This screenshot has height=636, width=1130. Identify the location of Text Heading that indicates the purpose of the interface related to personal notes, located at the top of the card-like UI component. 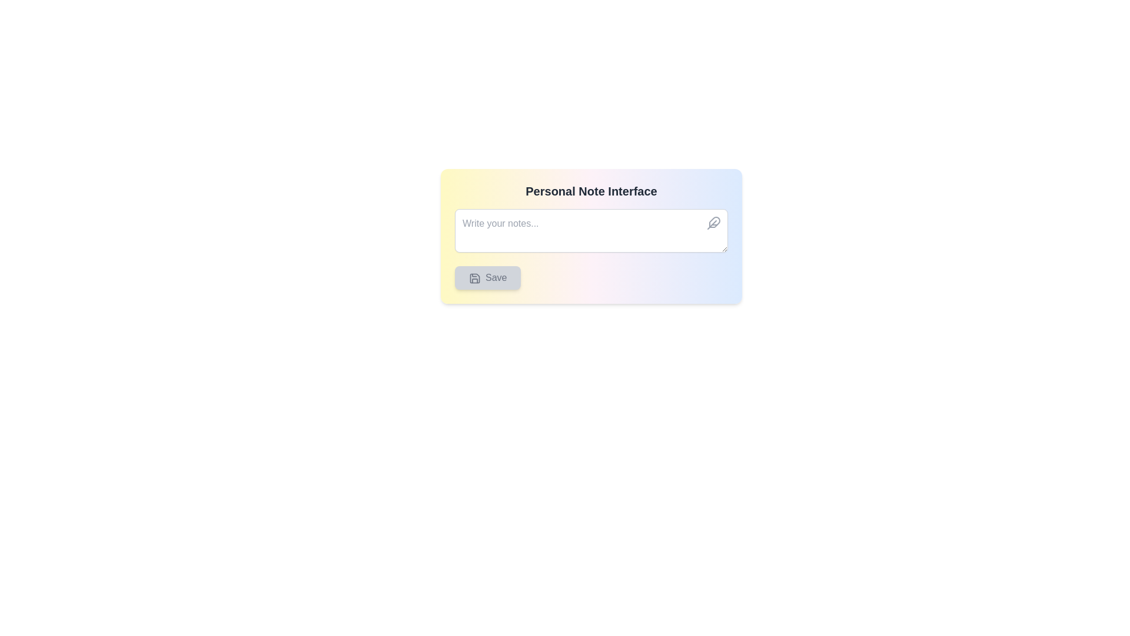
(591, 190).